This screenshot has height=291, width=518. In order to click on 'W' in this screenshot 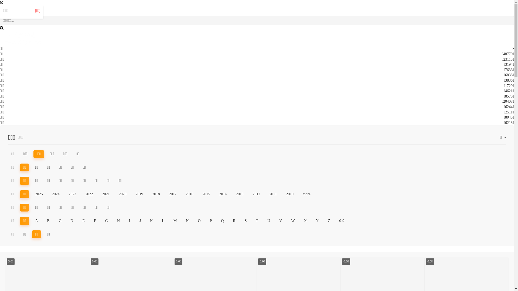, I will do `click(292, 221)`.